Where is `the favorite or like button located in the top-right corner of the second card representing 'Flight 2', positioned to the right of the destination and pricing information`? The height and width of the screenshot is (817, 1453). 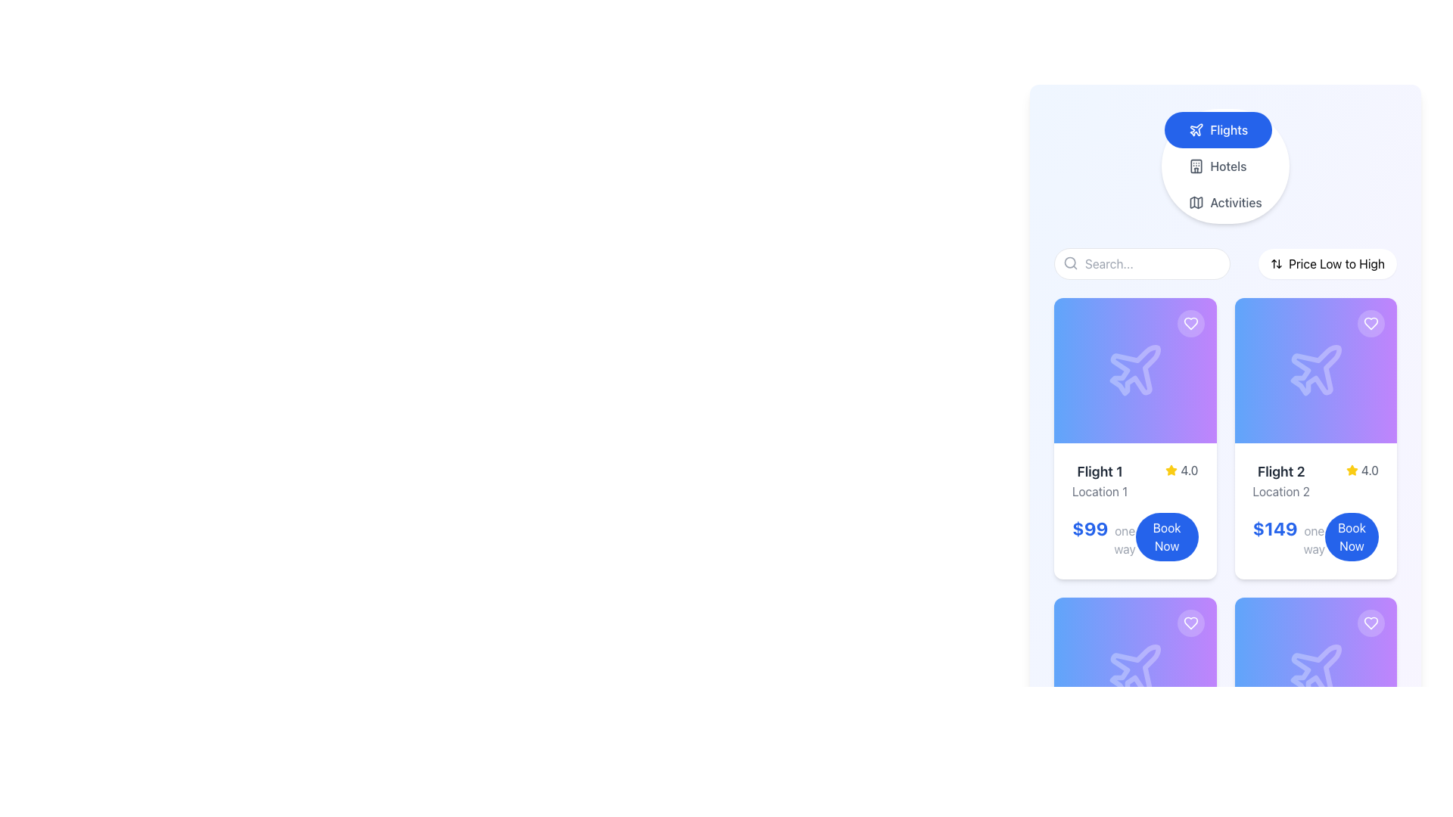
the favorite or like button located in the top-right corner of the second card representing 'Flight 2', positioned to the right of the destination and pricing information is located at coordinates (1371, 323).